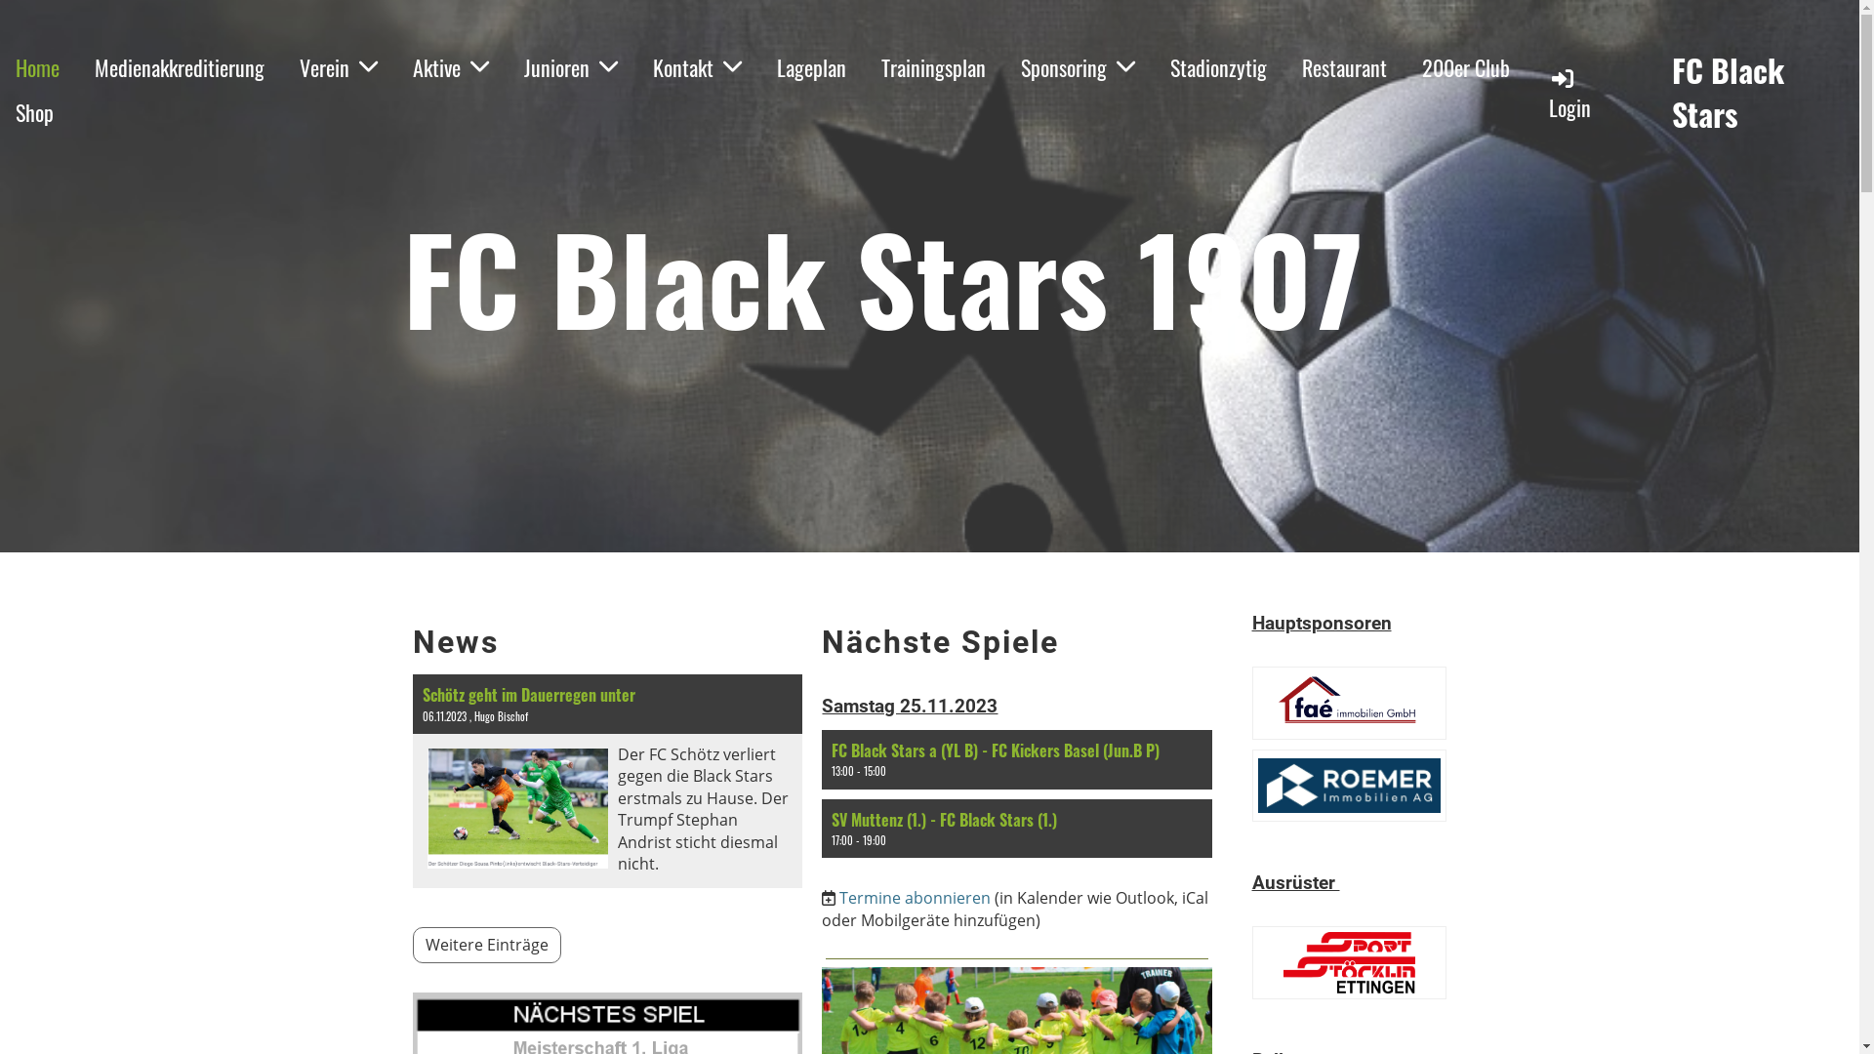 The height and width of the screenshot is (1054, 1874). I want to click on 'Shop', so click(34, 112).